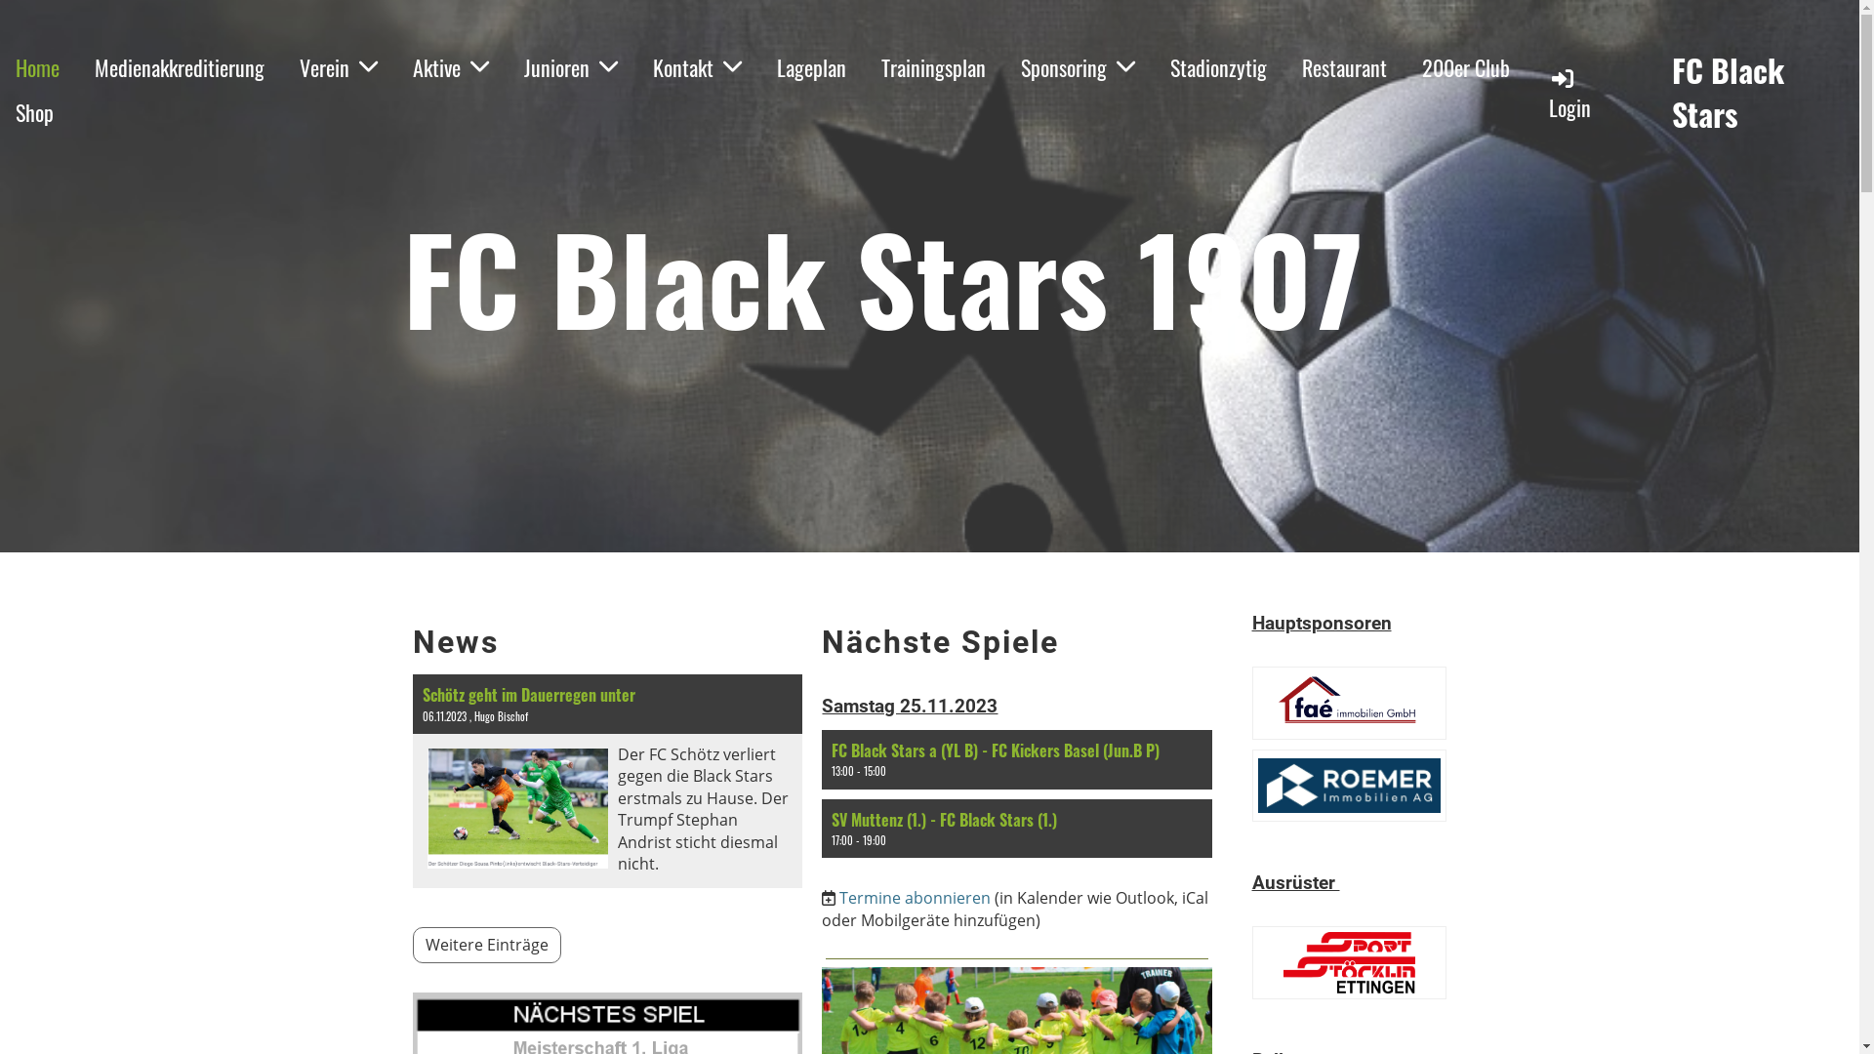 The height and width of the screenshot is (1054, 1874). I want to click on 'Shop', so click(34, 112).